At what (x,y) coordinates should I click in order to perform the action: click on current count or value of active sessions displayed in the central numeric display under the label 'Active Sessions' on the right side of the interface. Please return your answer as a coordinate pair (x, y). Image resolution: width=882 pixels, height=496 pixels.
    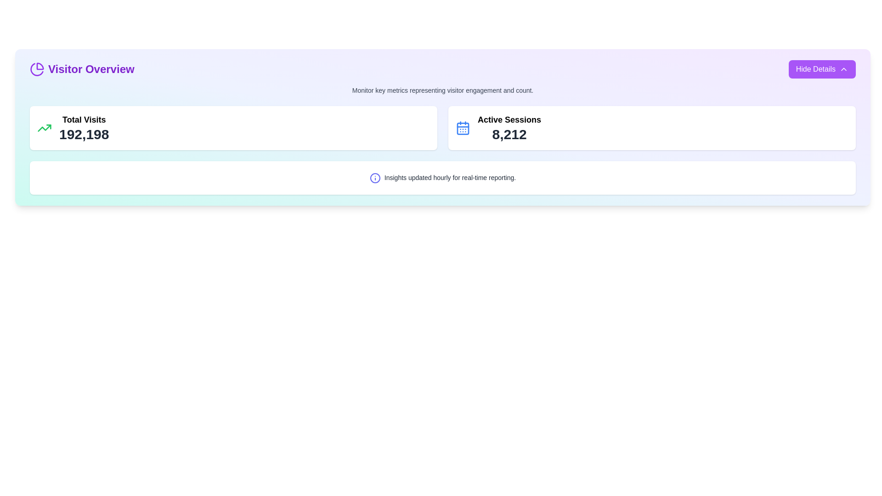
    Looking at the image, I should click on (509, 135).